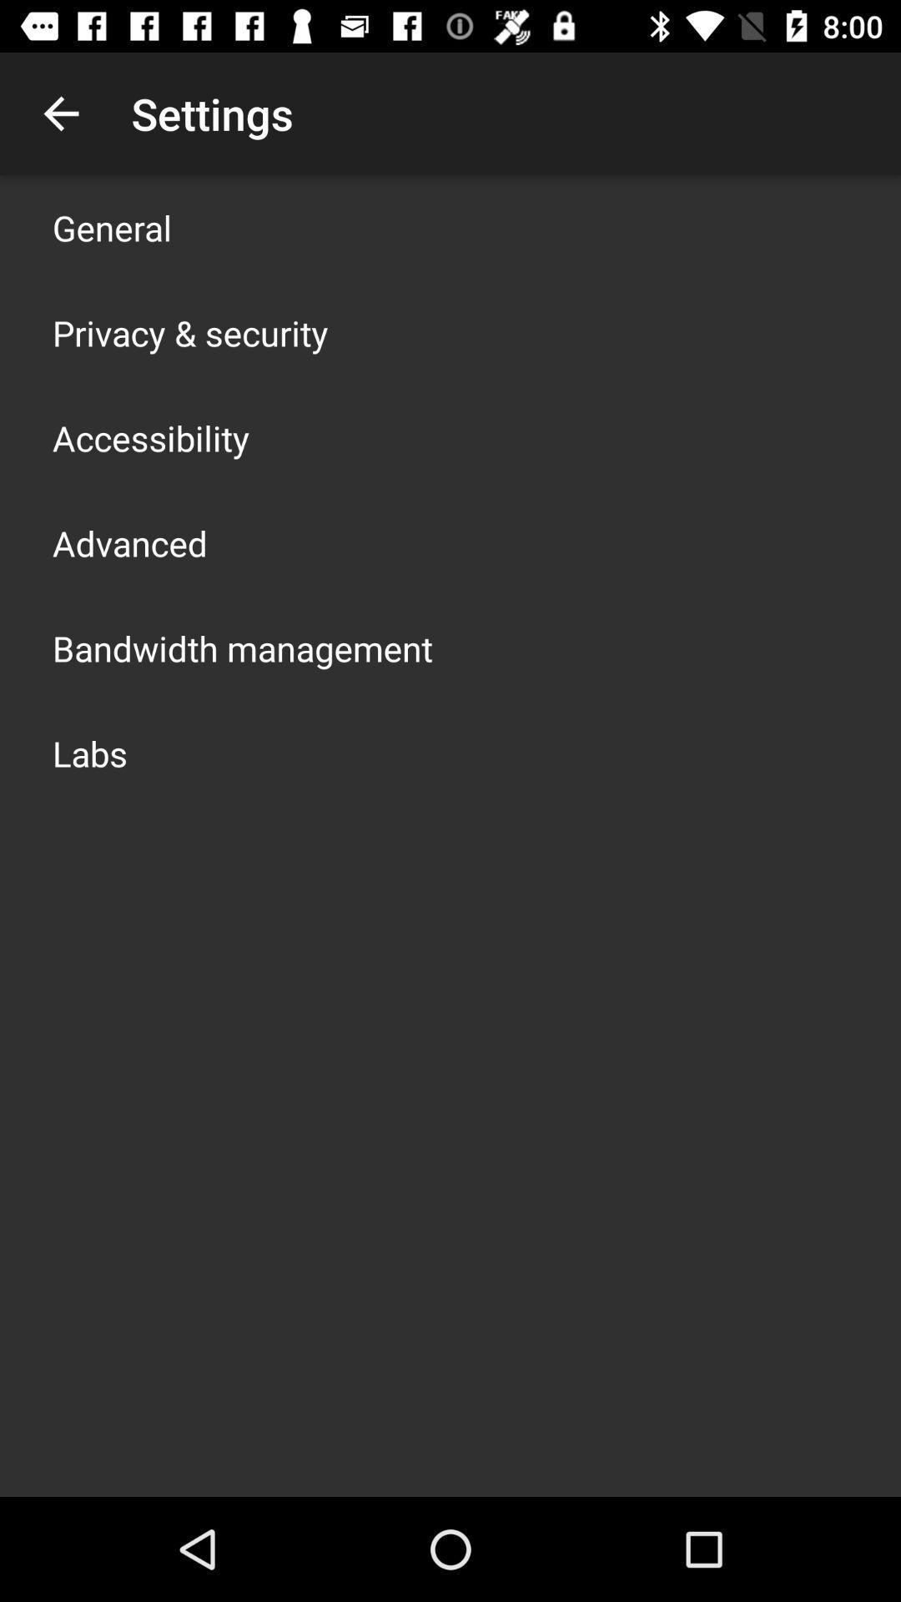 The image size is (901, 1602). What do you see at coordinates (151, 437) in the screenshot?
I see `the app below privacy & security item` at bounding box center [151, 437].